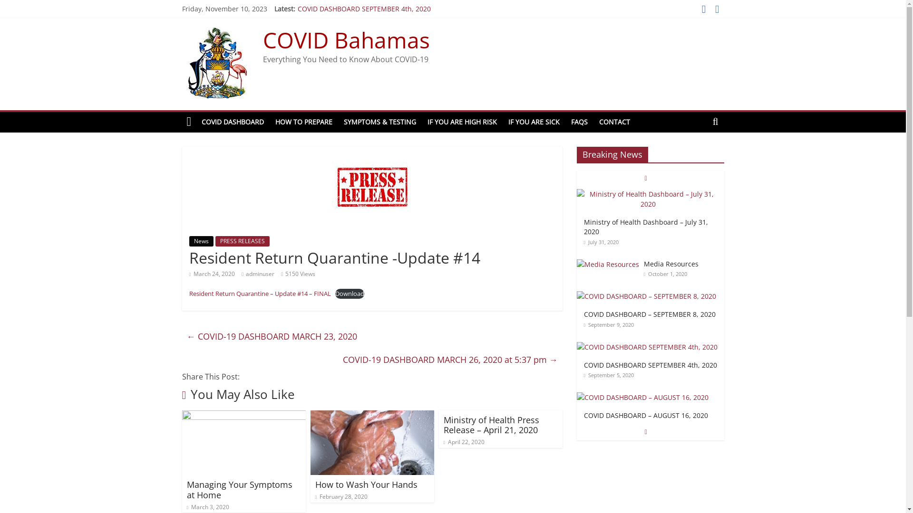  What do you see at coordinates (379, 122) in the screenshot?
I see `'SYMPTOMS & TESTING'` at bounding box center [379, 122].